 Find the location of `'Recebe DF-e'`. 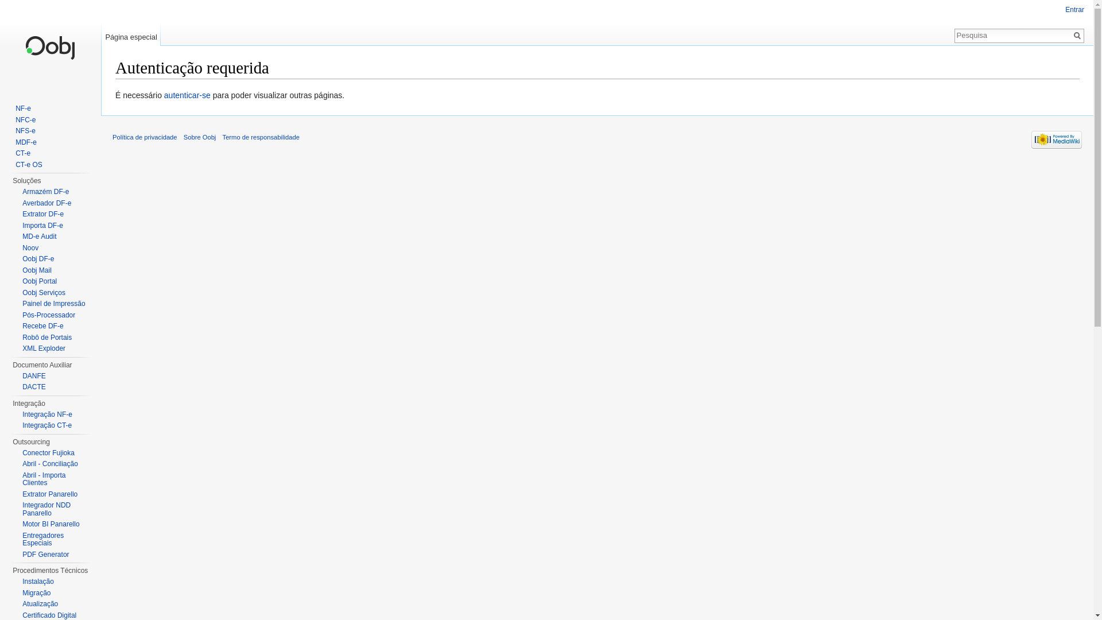

'Recebe DF-e' is located at coordinates (42, 325).